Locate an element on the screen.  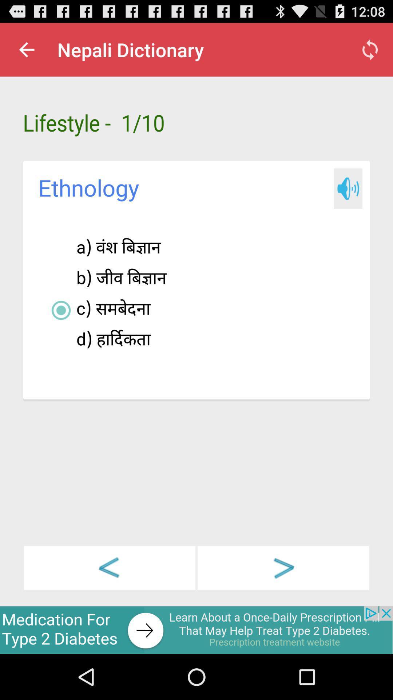
the arrow_forward icon is located at coordinates (283, 608).